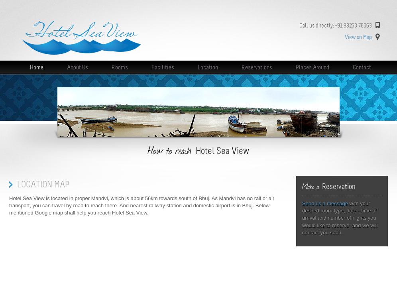 Image resolution: width=397 pixels, height=301 pixels. Describe the element at coordinates (302, 185) in the screenshot. I see `'Make a'` at that location.